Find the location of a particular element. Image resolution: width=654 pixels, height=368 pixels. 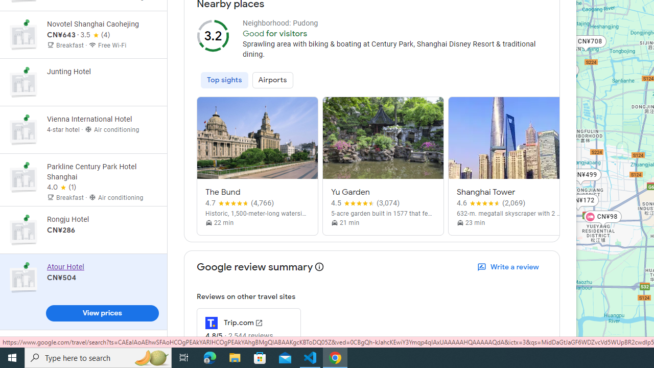

'Write a review' is located at coordinates (509, 267).